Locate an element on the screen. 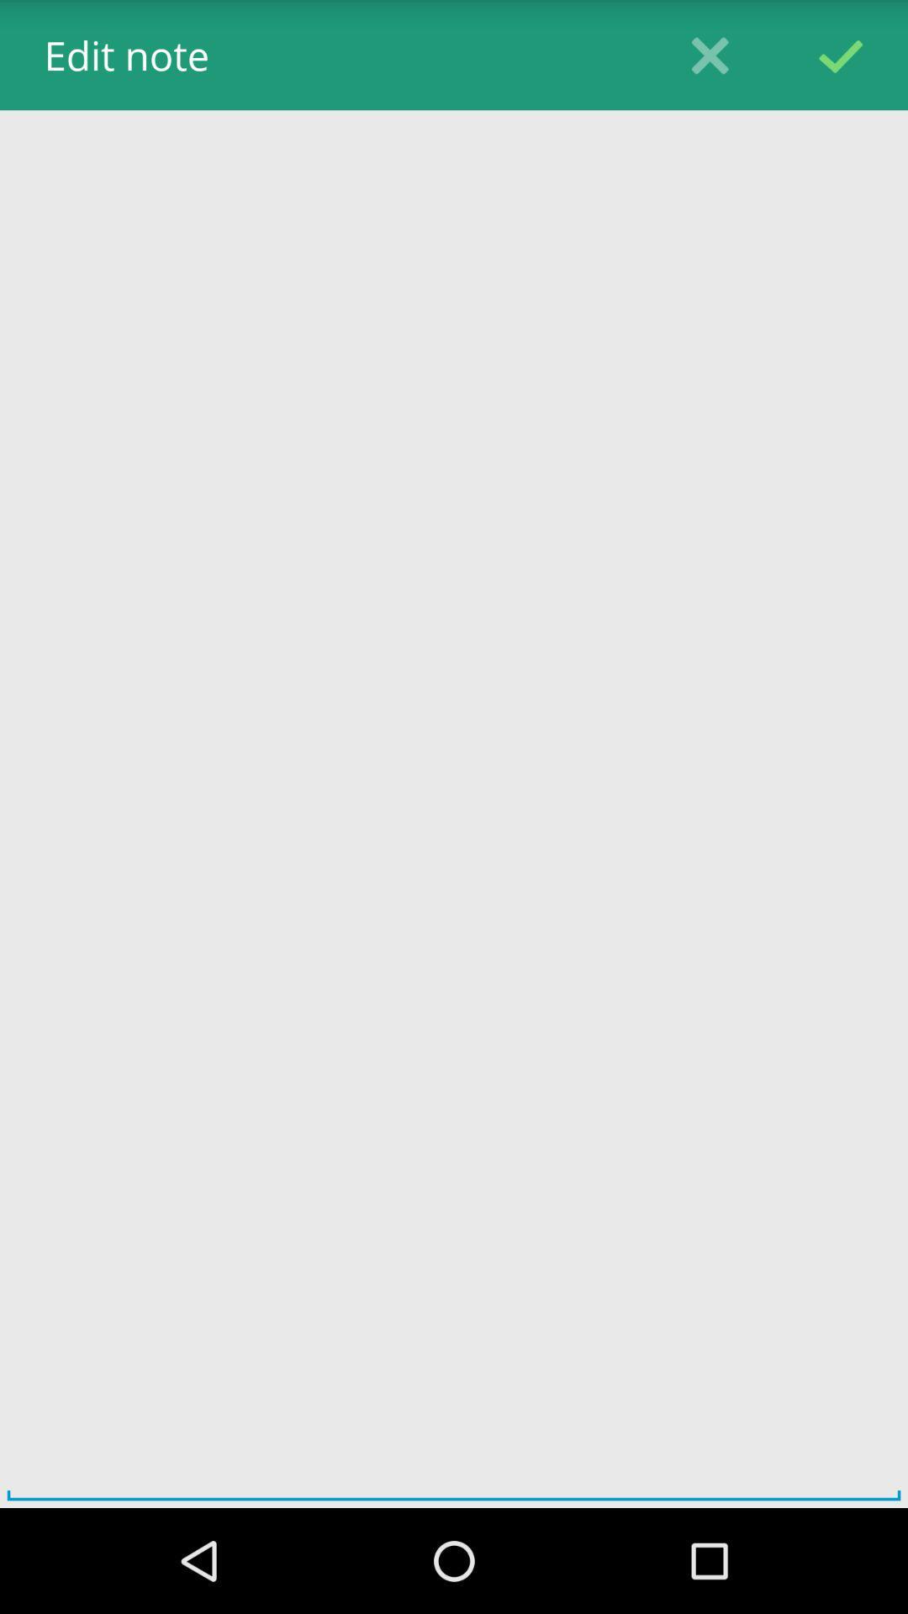 This screenshot has width=908, height=1614. the close icon is located at coordinates (709, 59).